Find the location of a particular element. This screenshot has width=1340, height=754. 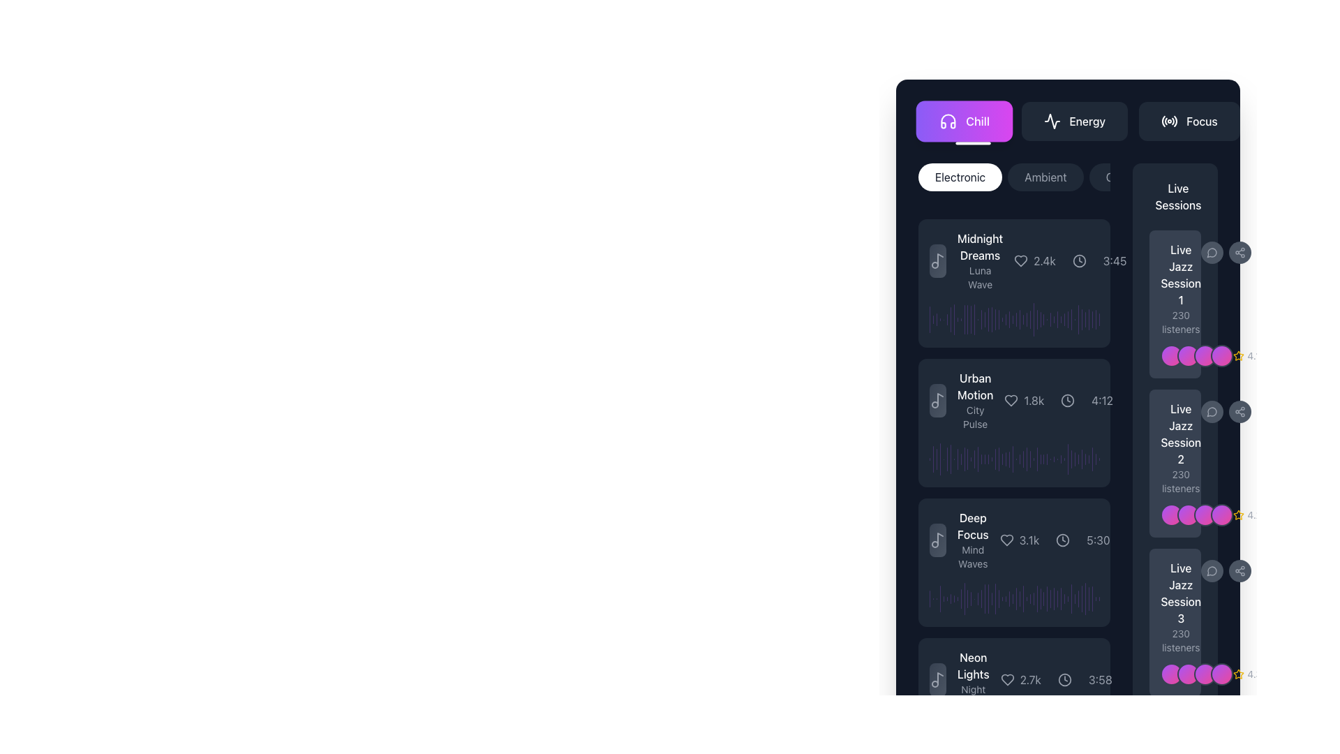

the 18th visual indicator bar in the horizontal group of bars located at the center-right section of the display is located at coordinates (988, 320).